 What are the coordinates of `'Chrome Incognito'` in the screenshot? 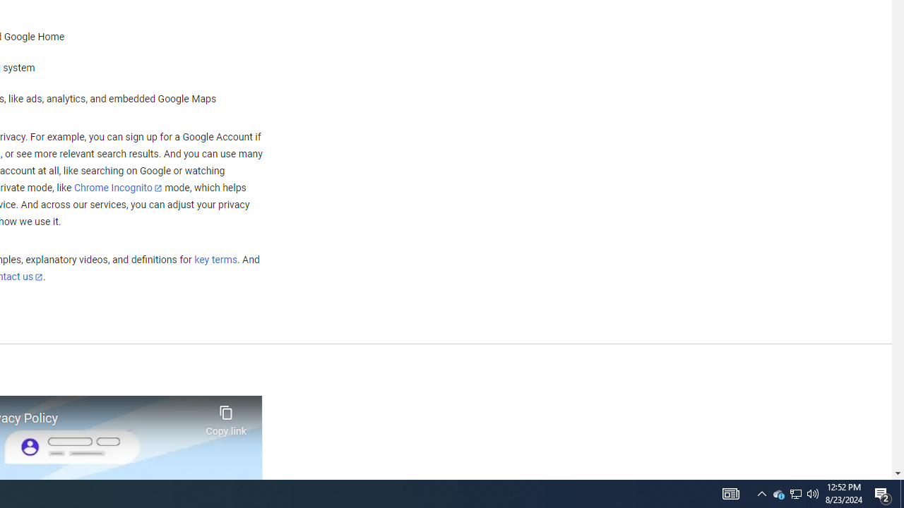 It's located at (118, 187).